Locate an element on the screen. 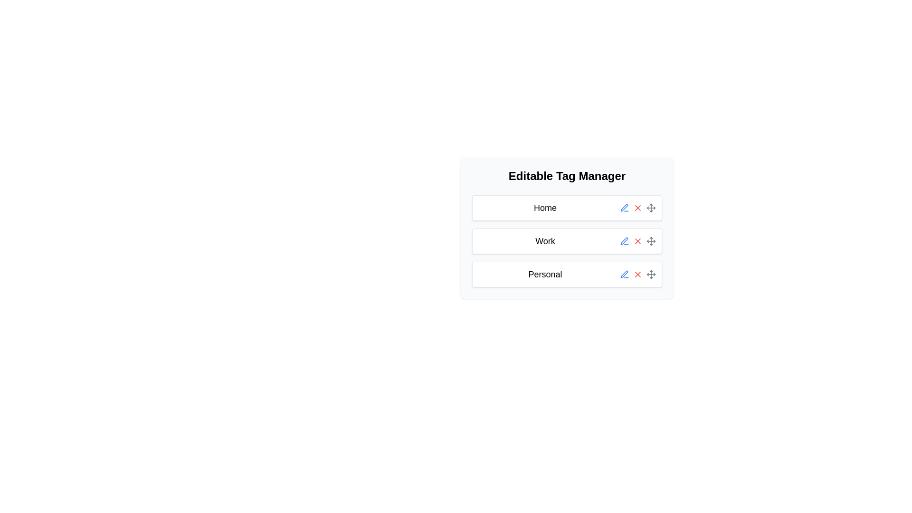 This screenshot has width=912, height=513. the edit button icon located to the right of the 'Home' label in the 'Editable Tag Manager' section is located at coordinates (625, 208).